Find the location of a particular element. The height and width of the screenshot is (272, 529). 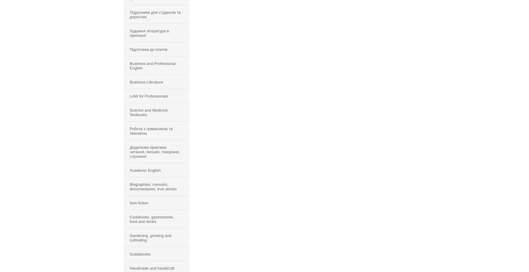

'Science and Medicine Textbooks' is located at coordinates (149, 112).